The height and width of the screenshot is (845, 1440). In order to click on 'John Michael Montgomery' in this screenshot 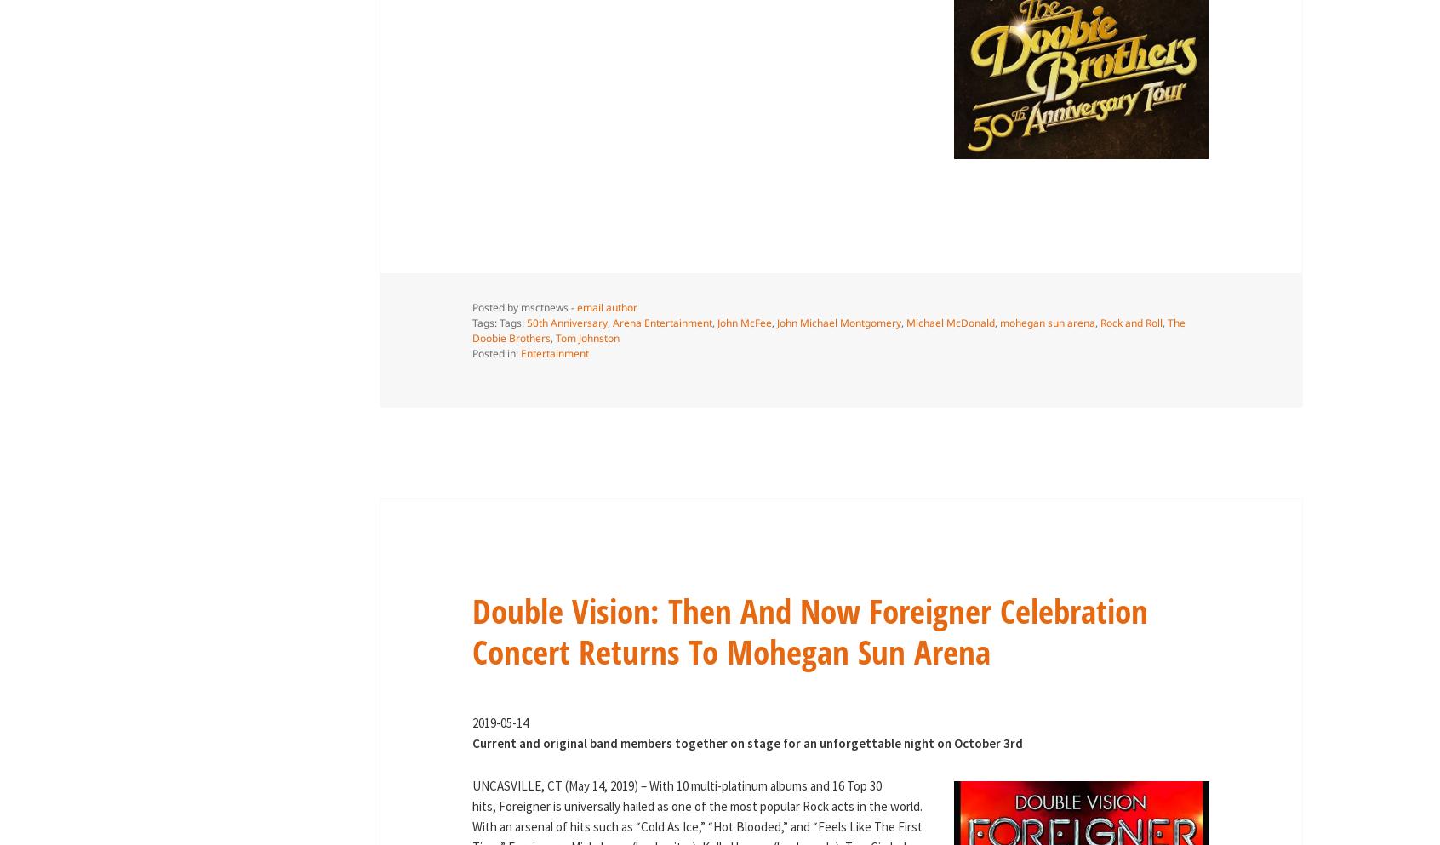, I will do `click(774, 323)`.